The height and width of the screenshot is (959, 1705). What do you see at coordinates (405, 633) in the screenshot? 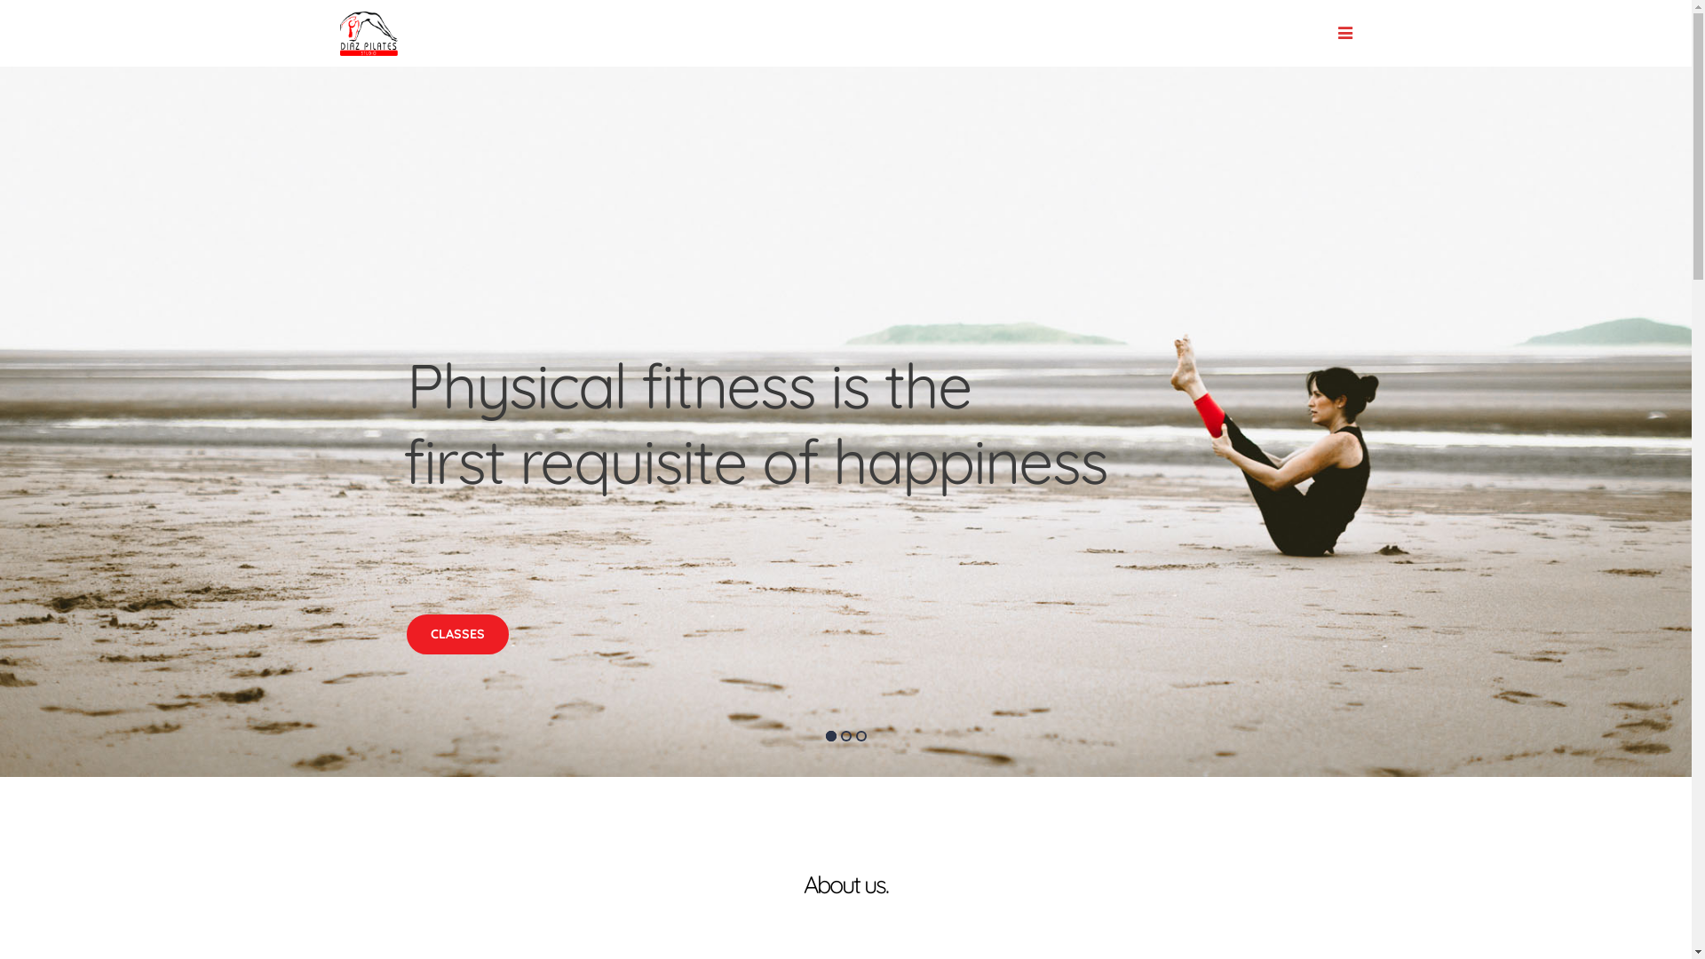
I see `'CLASSES'` at bounding box center [405, 633].